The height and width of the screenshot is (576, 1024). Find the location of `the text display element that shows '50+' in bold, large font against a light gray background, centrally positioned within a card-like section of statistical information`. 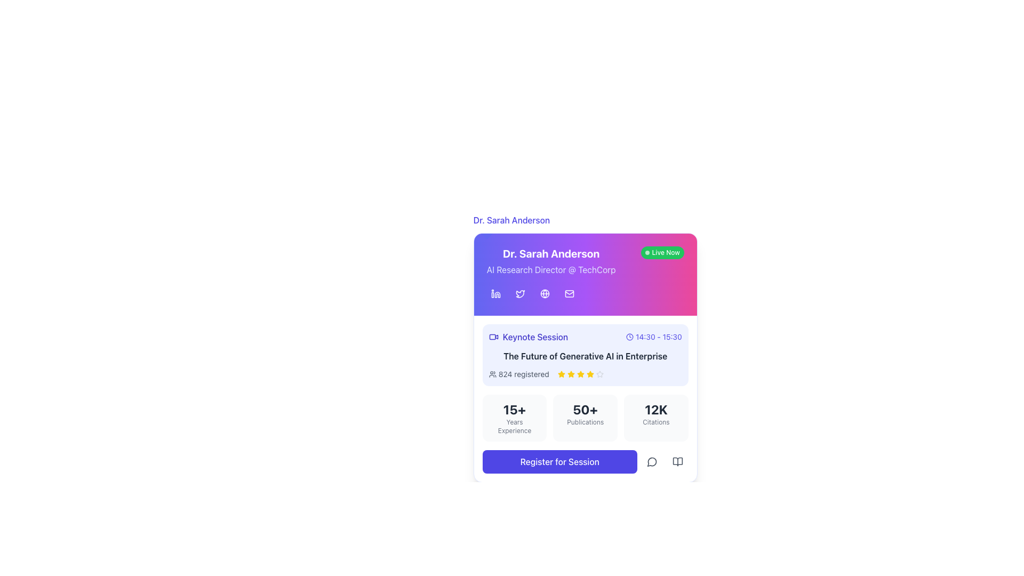

the text display element that shows '50+' in bold, large font against a light gray background, centrally positioned within a card-like section of statistical information is located at coordinates (585, 409).